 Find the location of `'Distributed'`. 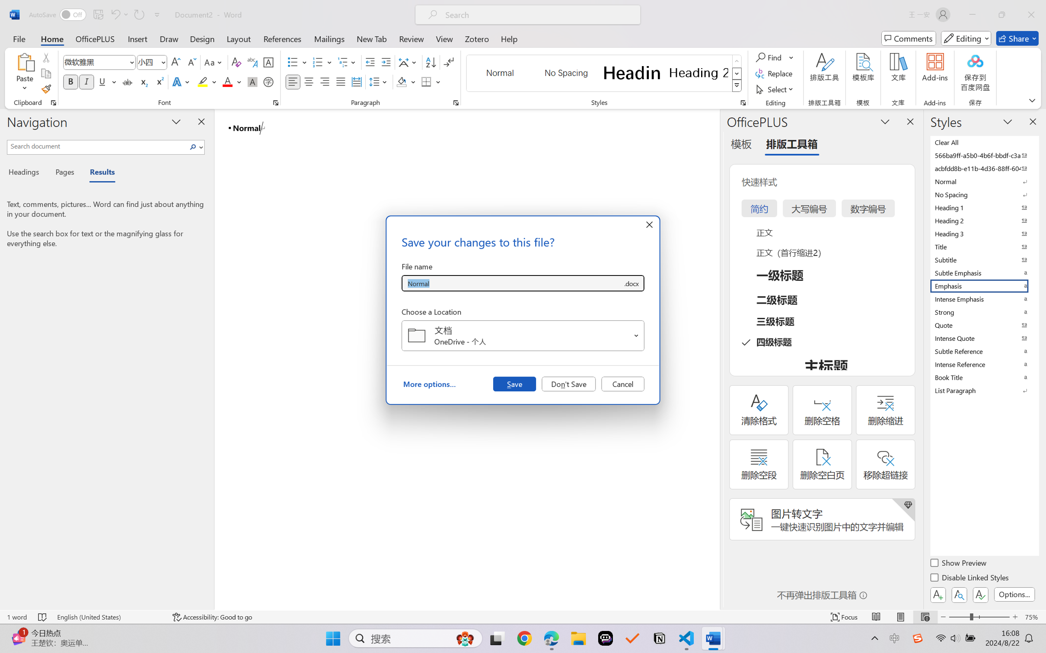

'Distributed' is located at coordinates (356, 81).